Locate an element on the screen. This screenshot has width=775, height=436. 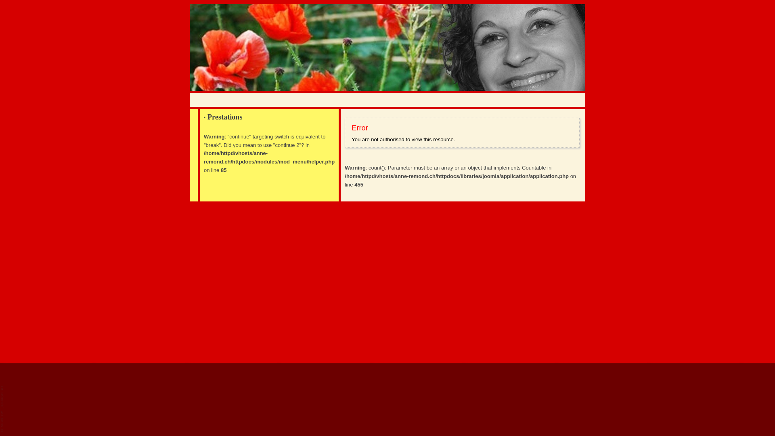
'JoomSpirit' is located at coordinates (0, 409).